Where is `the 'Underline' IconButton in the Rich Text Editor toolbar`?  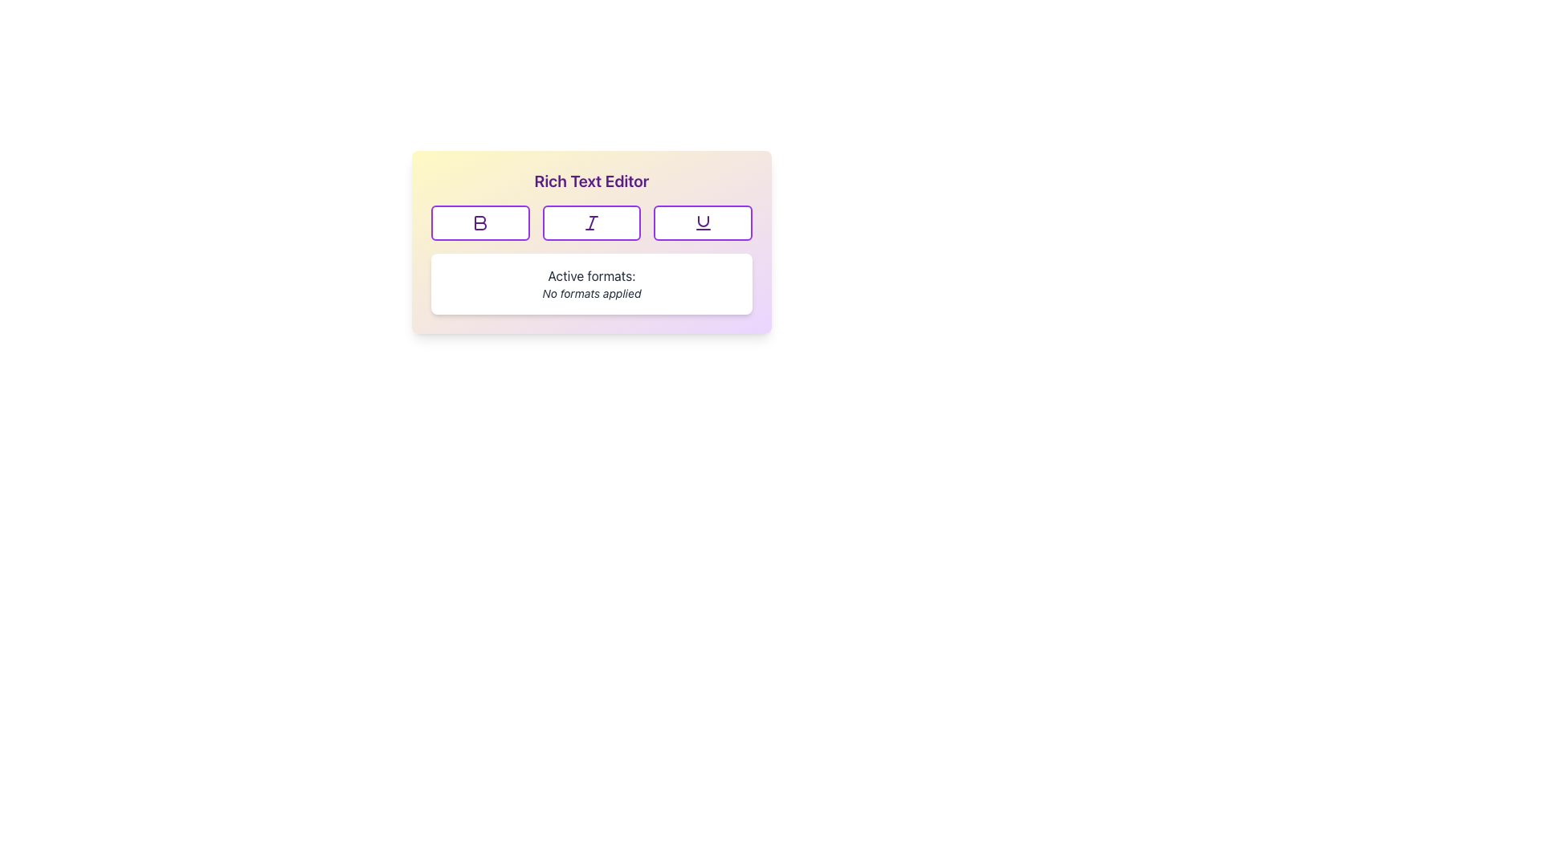 the 'Underline' IconButton in the Rich Text Editor toolbar is located at coordinates (703, 222).